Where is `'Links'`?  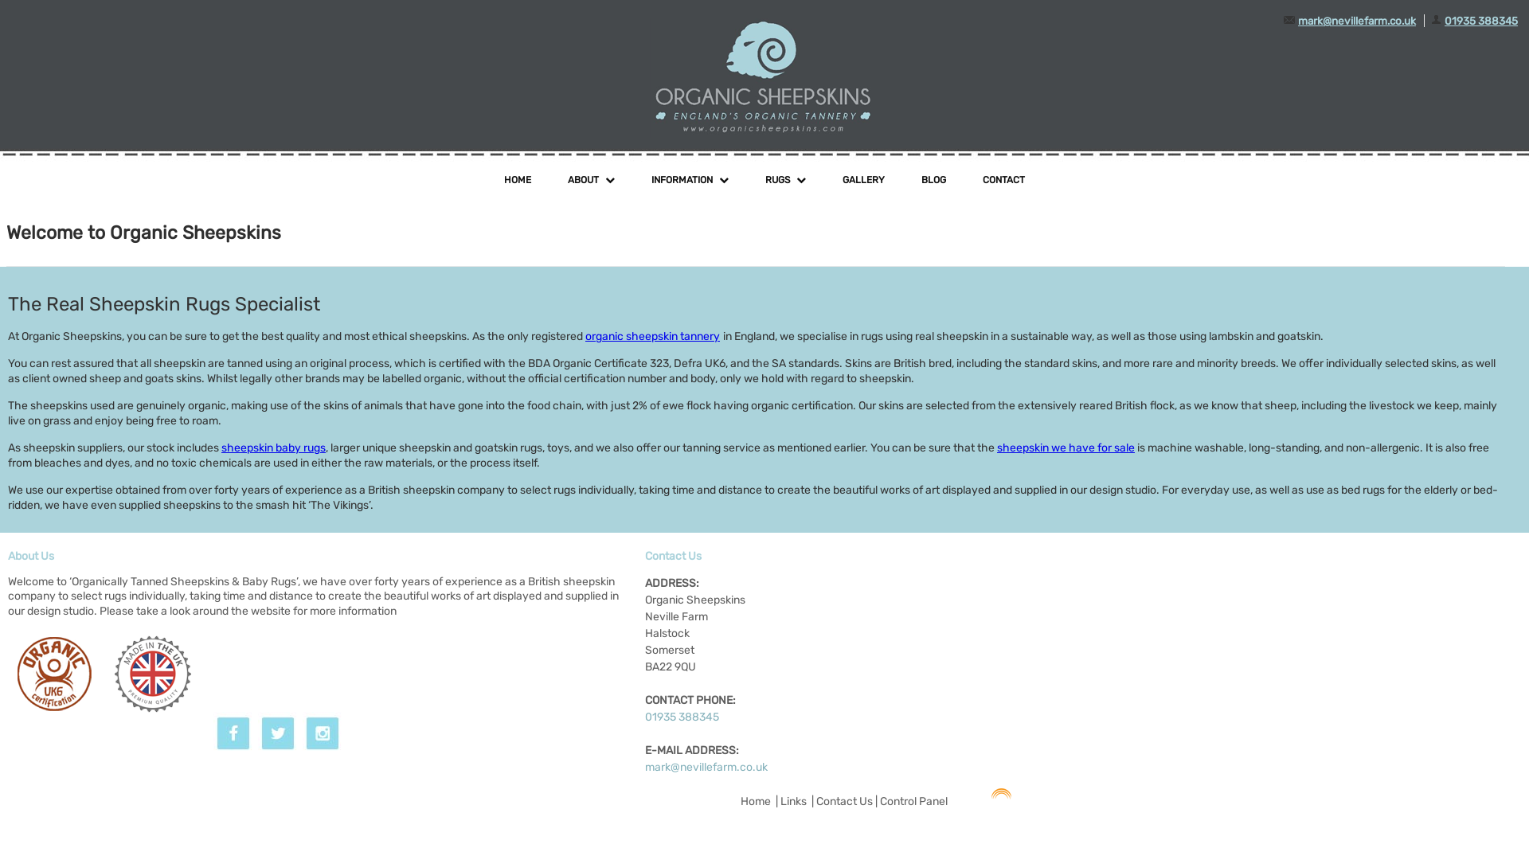 'Links' is located at coordinates (793, 801).